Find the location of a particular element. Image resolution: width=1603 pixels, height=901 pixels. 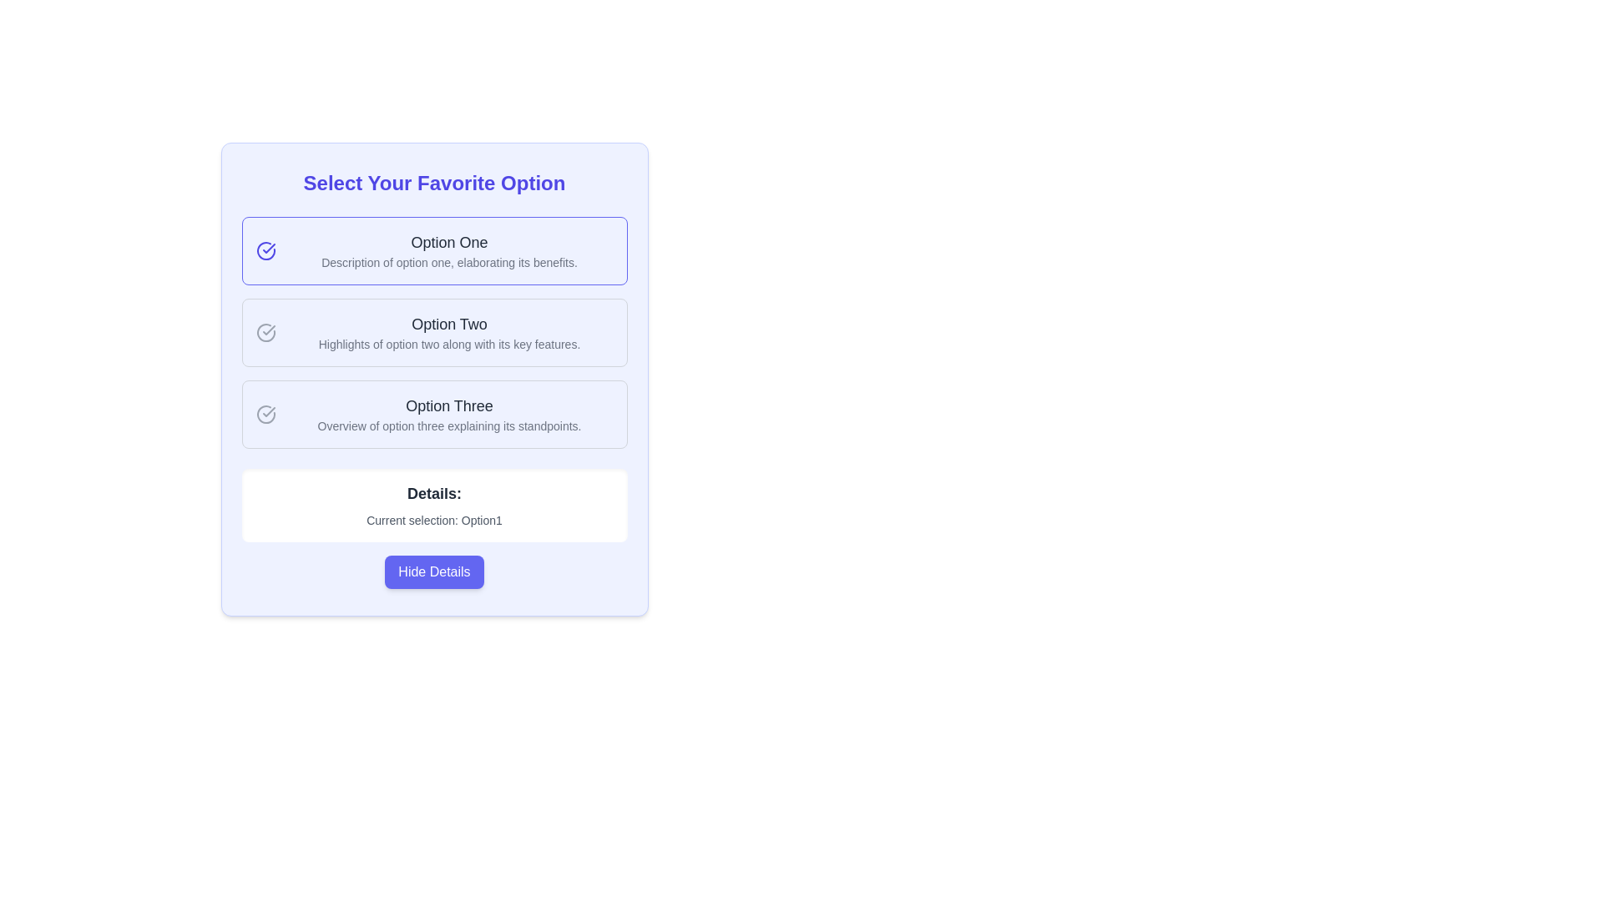

the text label that indicates the currently selected option, specifically the emphasized portion 'Option1' within the text block labeled 'Current selection: Option1' is located at coordinates (481, 520).